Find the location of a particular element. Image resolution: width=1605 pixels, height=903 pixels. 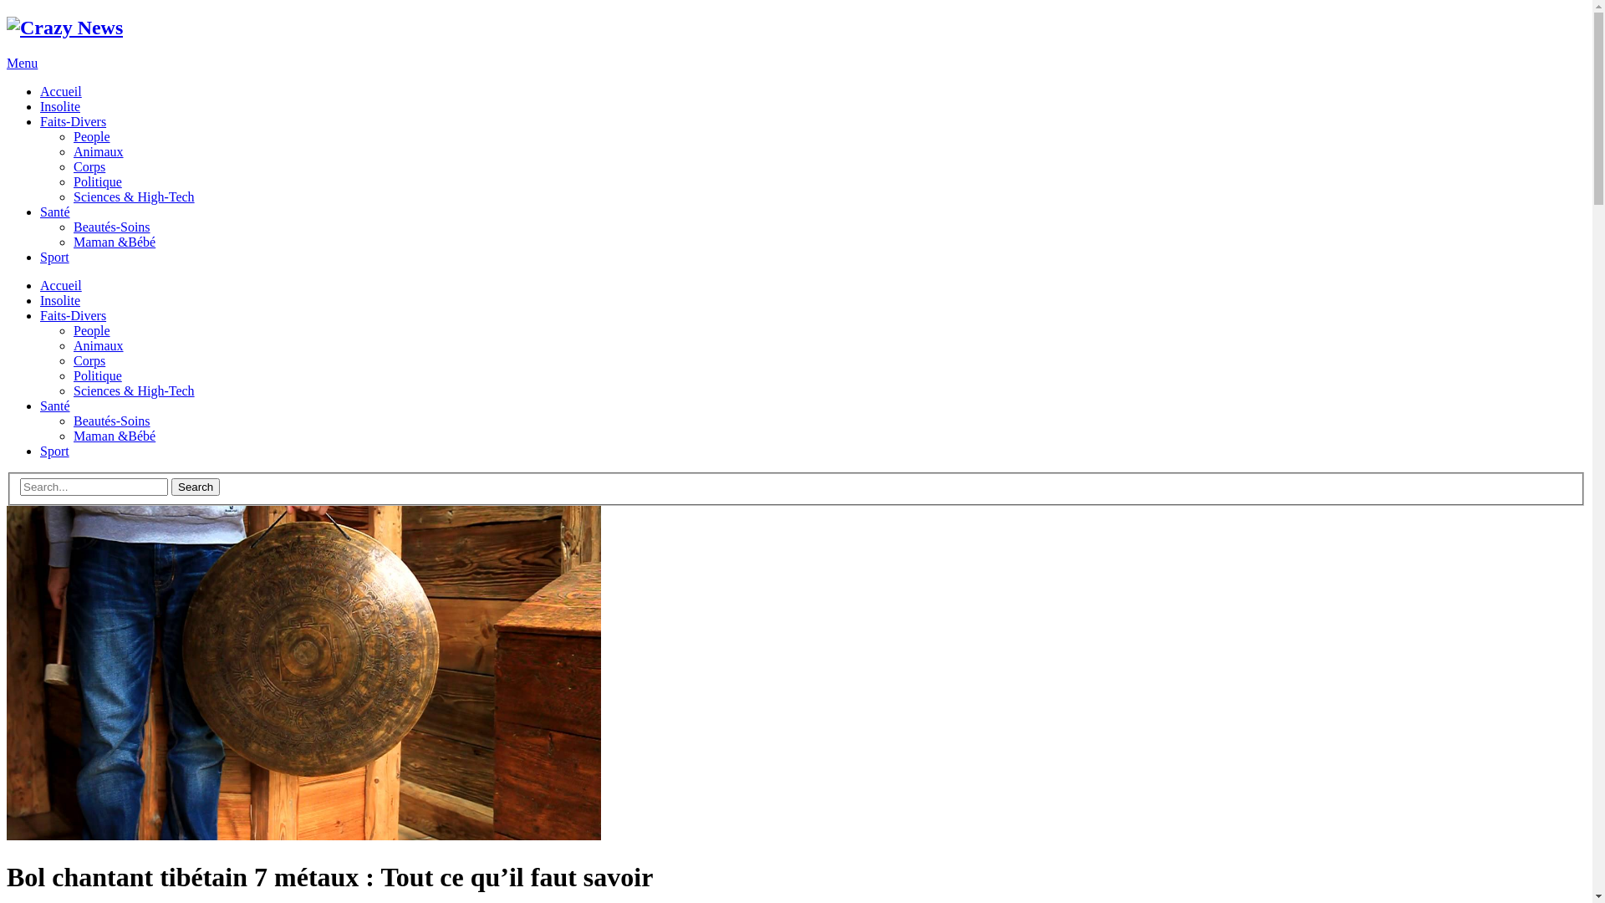

'Search' is located at coordinates (196, 487).